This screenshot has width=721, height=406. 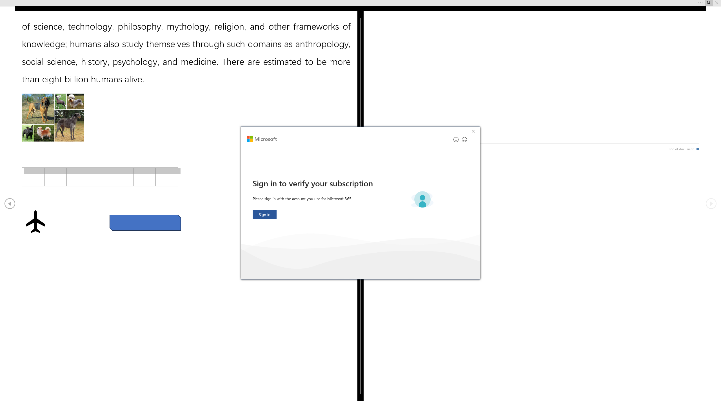 What do you see at coordinates (35, 221) in the screenshot?
I see `'Airplane with solid fill'` at bounding box center [35, 221].